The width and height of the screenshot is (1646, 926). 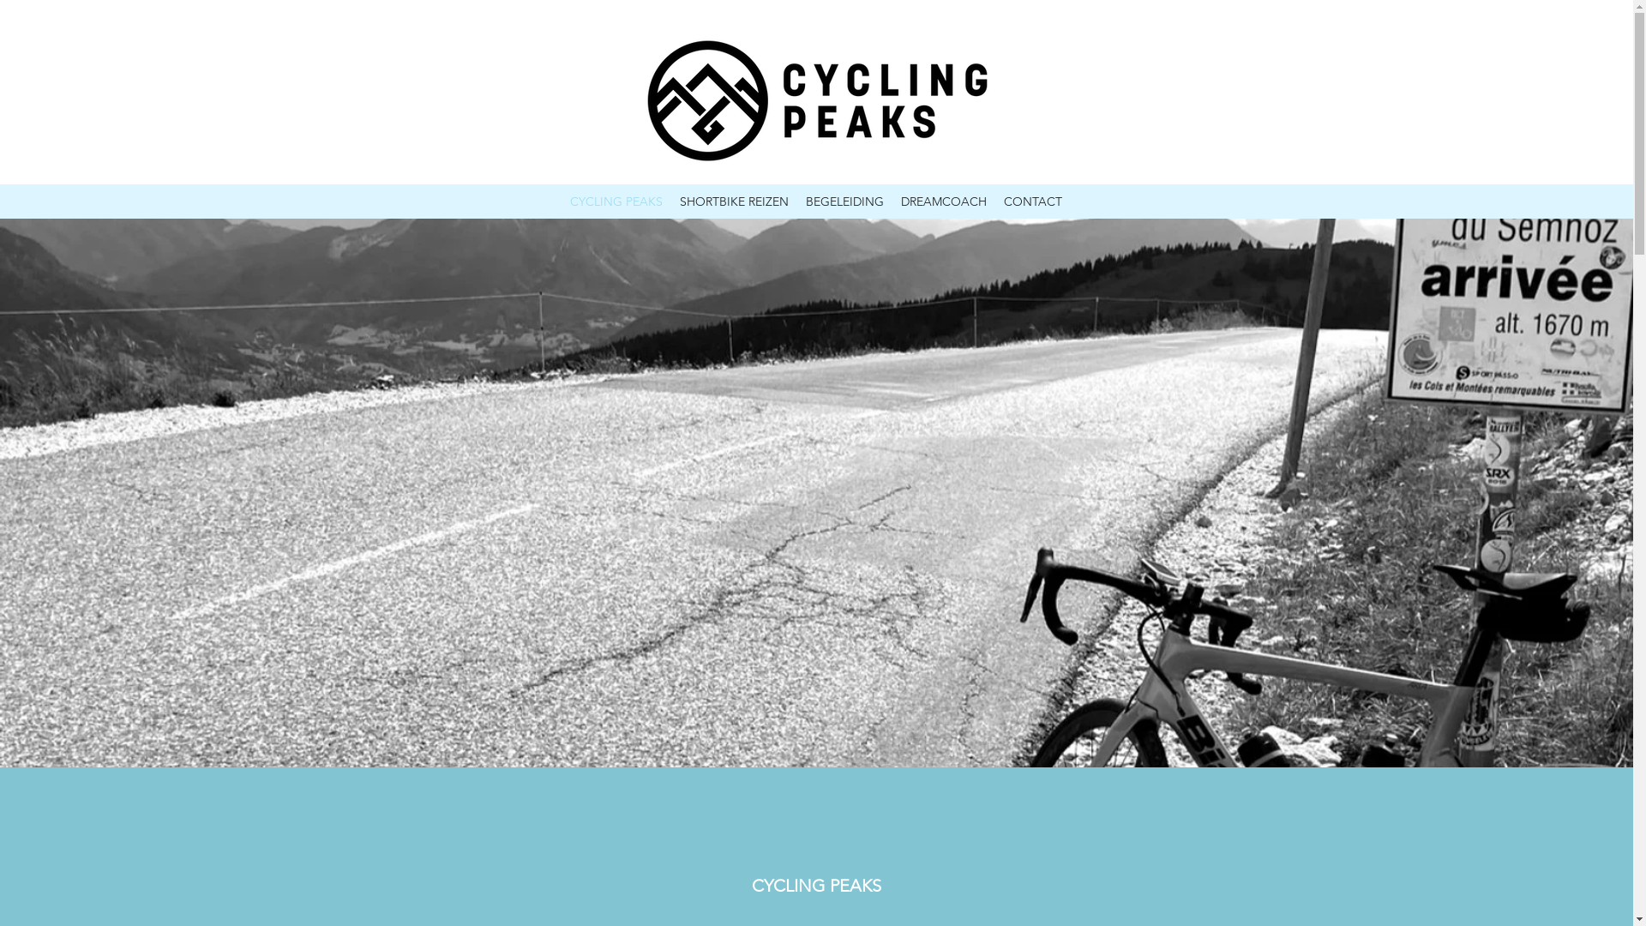 What do you see at coordinates (942, 201) in the screenshot?
I see `'DREAMCOACH'` at bounding box center [942, 201].